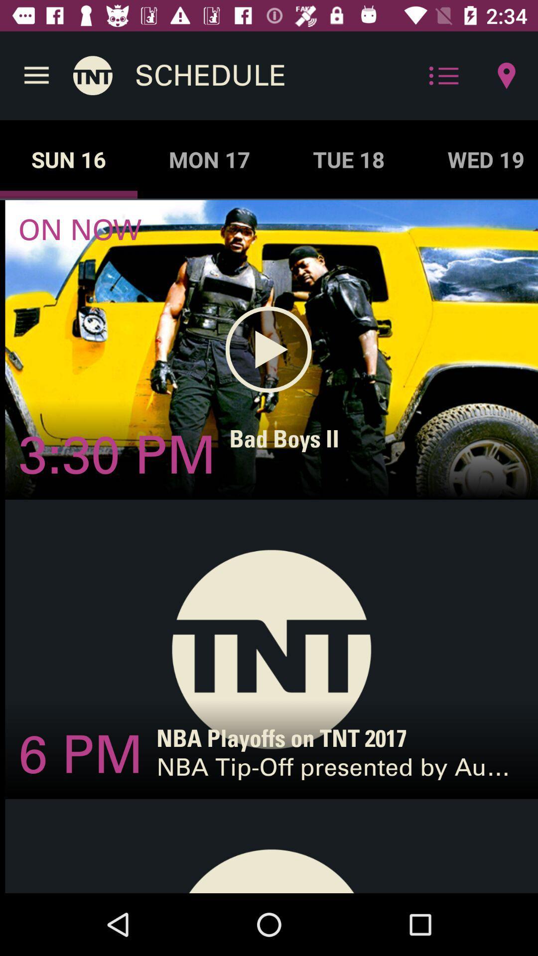 The height and width of the screenshot is (956, 538). Describe the element at coordinates (348, 159) in the screenshot. I see `icon next to wed 19 icon` at that location.